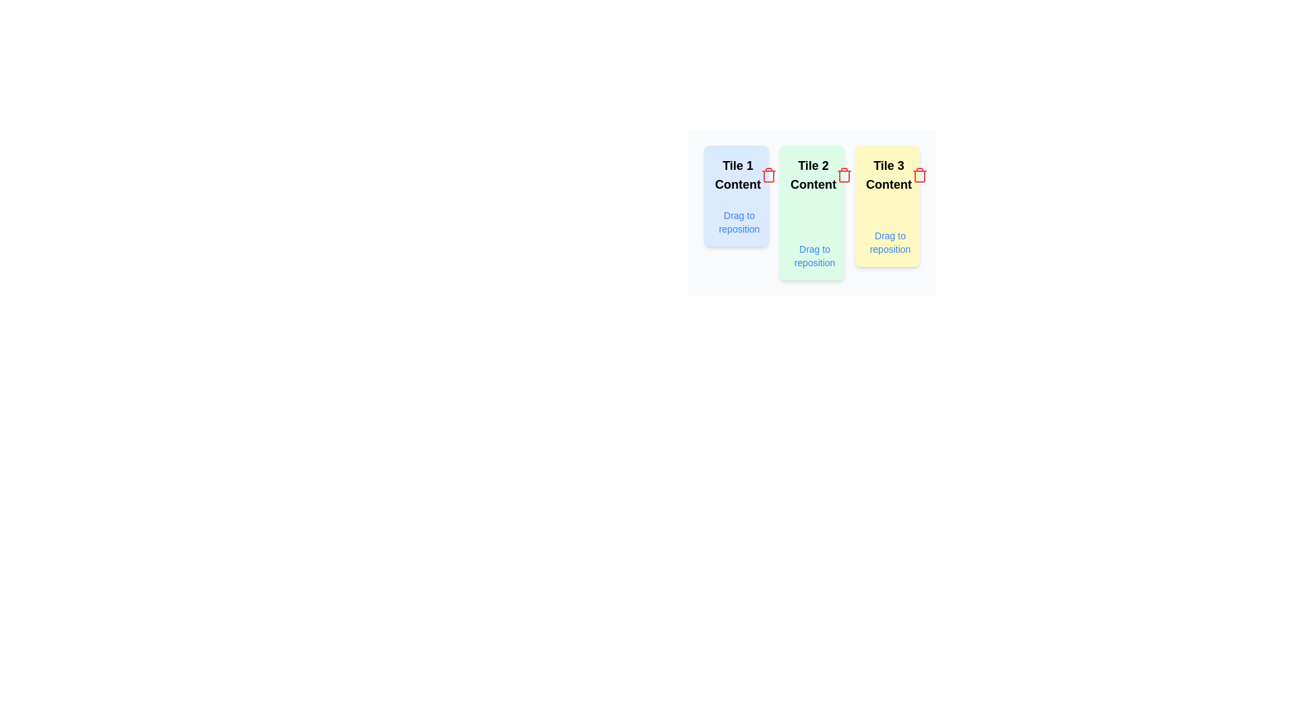 The height and width of the screenshot is (728, 1294). Describe the element at coordinates (812, 174) in the screenshot. I see `the static text label displaying 'Tile 2 Content', which is located in the second green-tinted card in a row of three cards, centered near the top area of the card` at that location.